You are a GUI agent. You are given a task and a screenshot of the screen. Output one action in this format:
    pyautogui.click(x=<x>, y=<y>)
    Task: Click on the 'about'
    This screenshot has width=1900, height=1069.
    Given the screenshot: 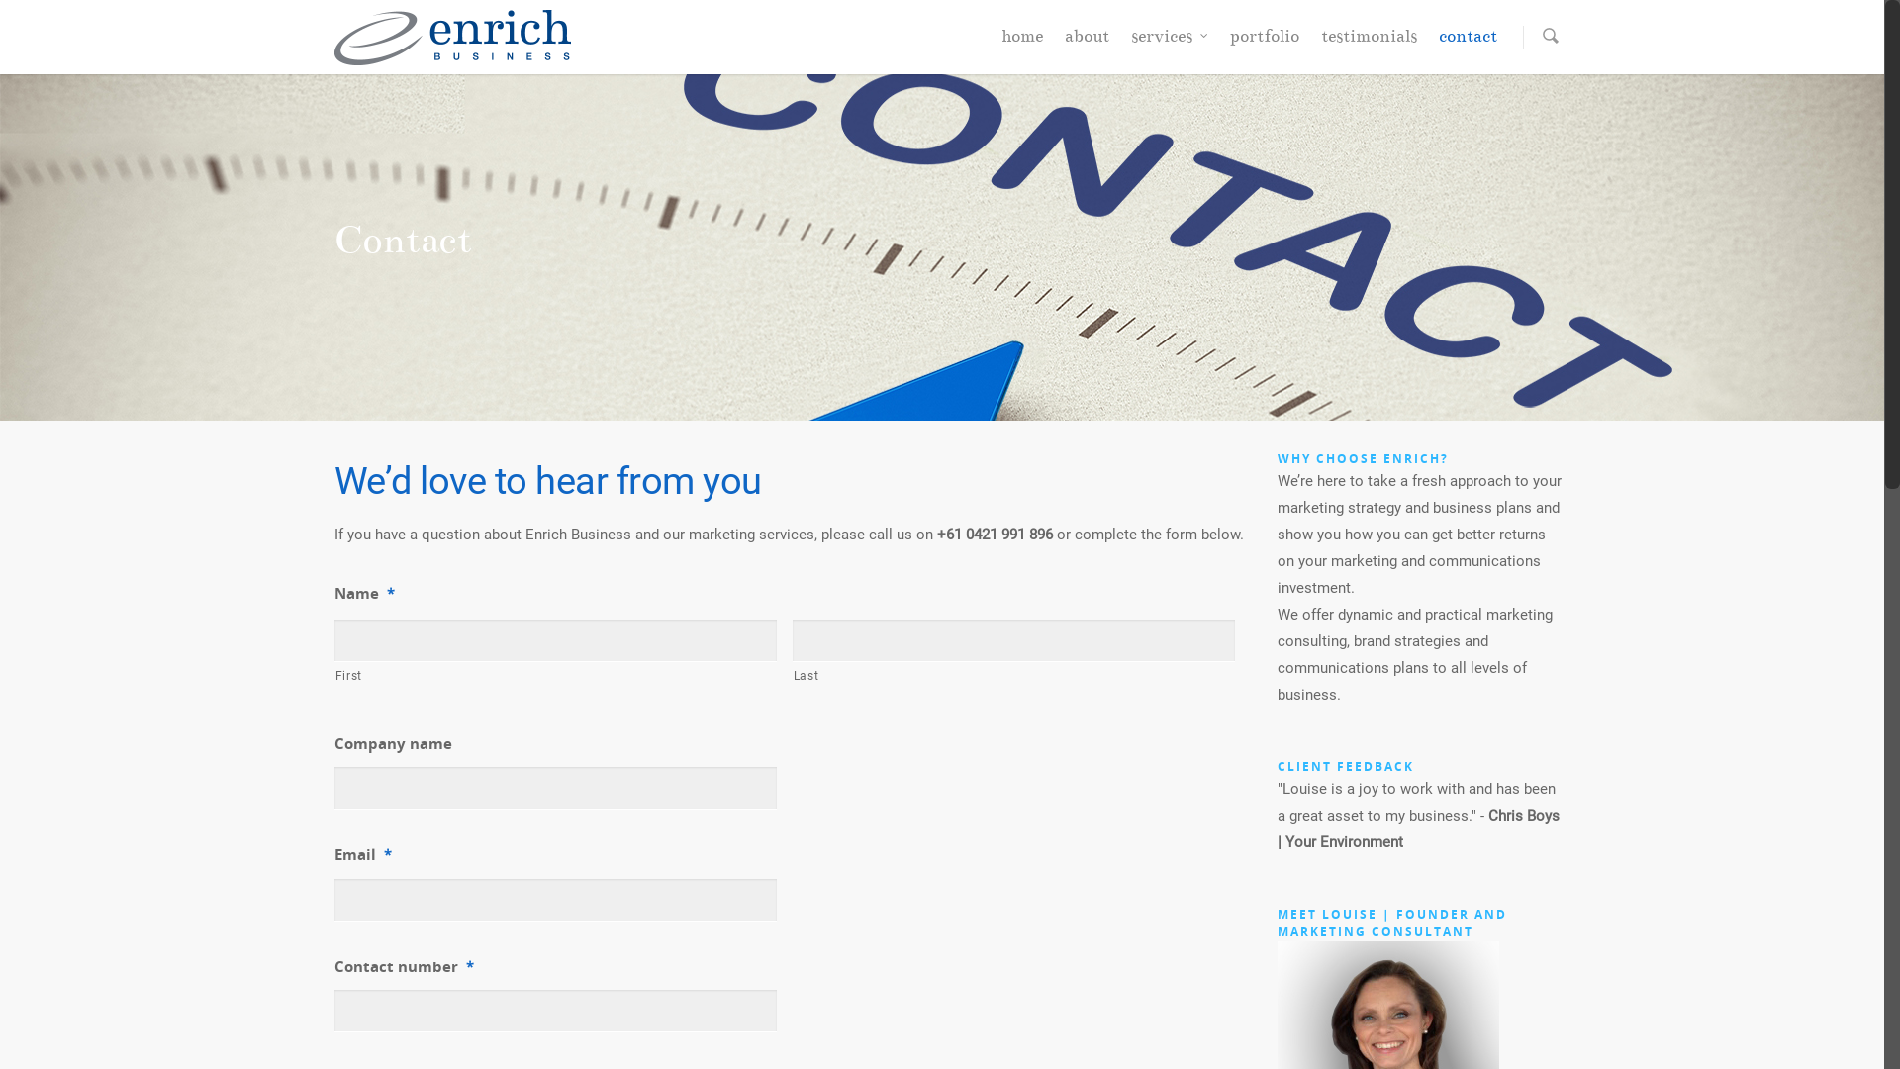 What is the action you would take?
    pyautogui.click(x=1086, y=42)
    